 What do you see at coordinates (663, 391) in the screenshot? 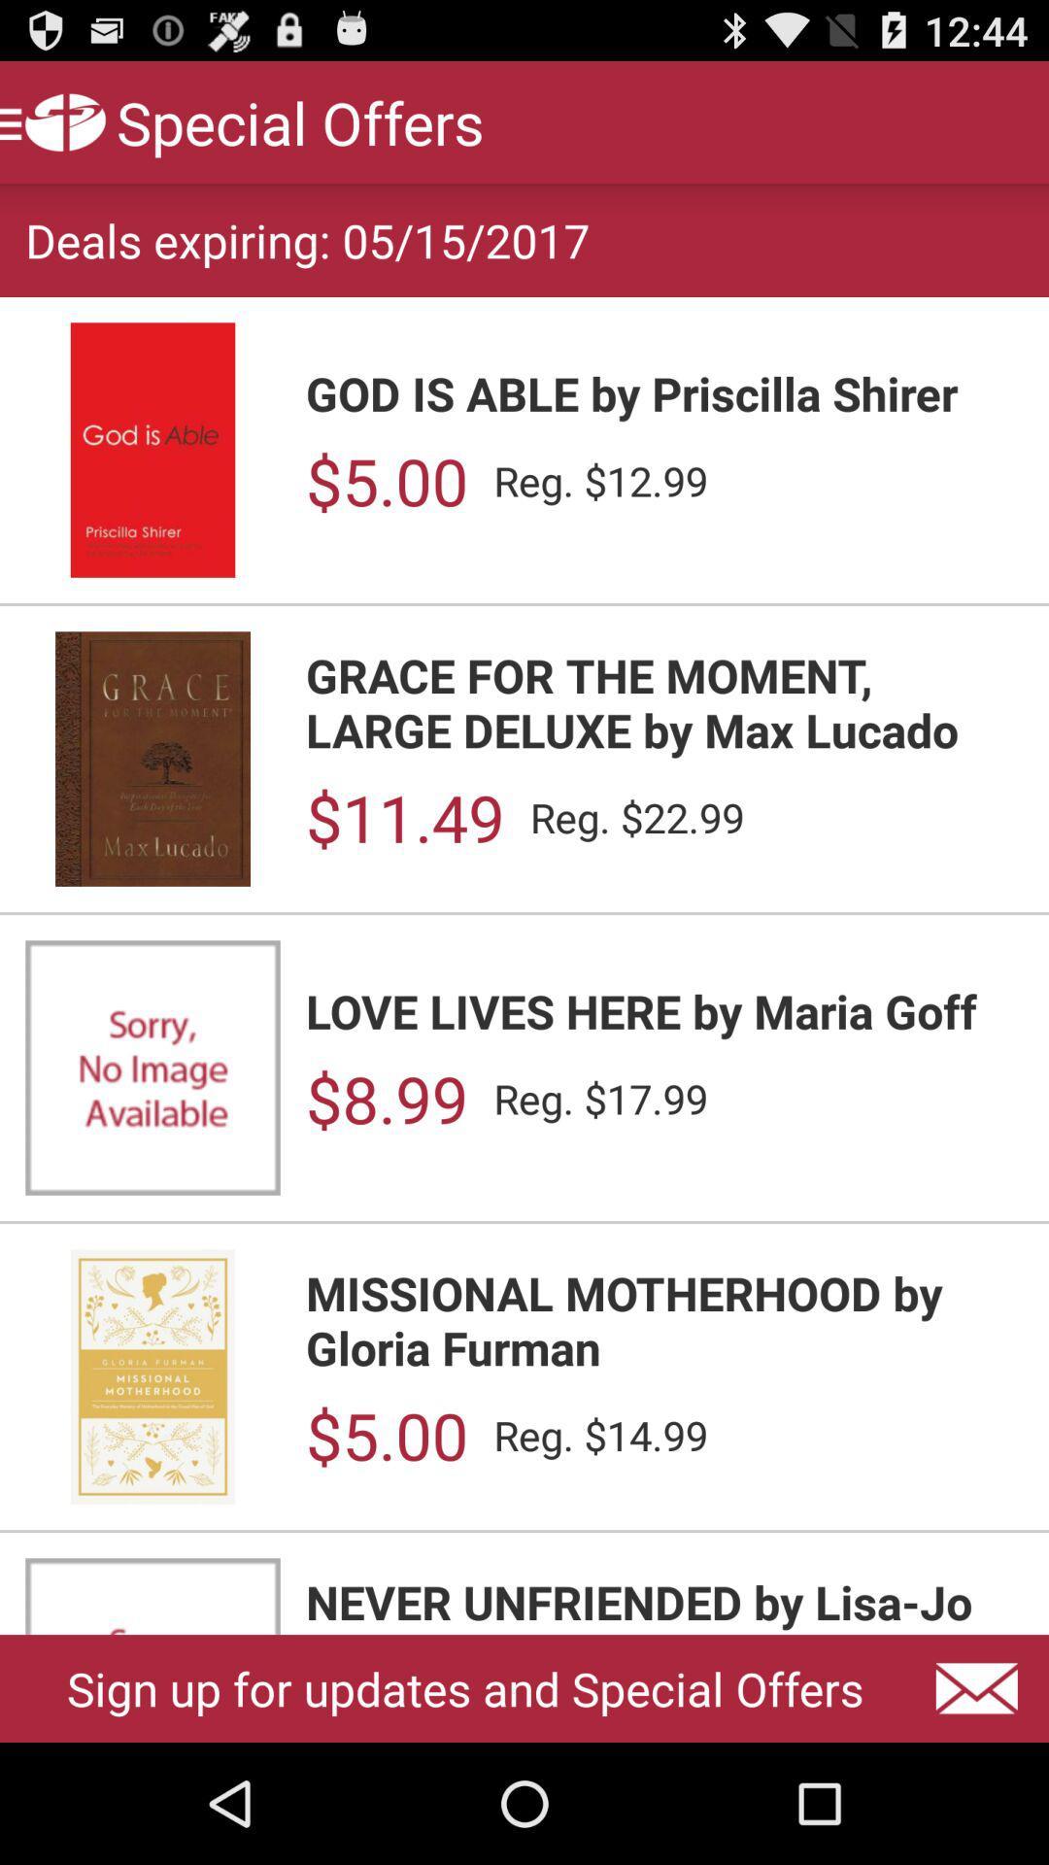
I see `item below deals expiring 05 icon` at bounding box center [663, 391].